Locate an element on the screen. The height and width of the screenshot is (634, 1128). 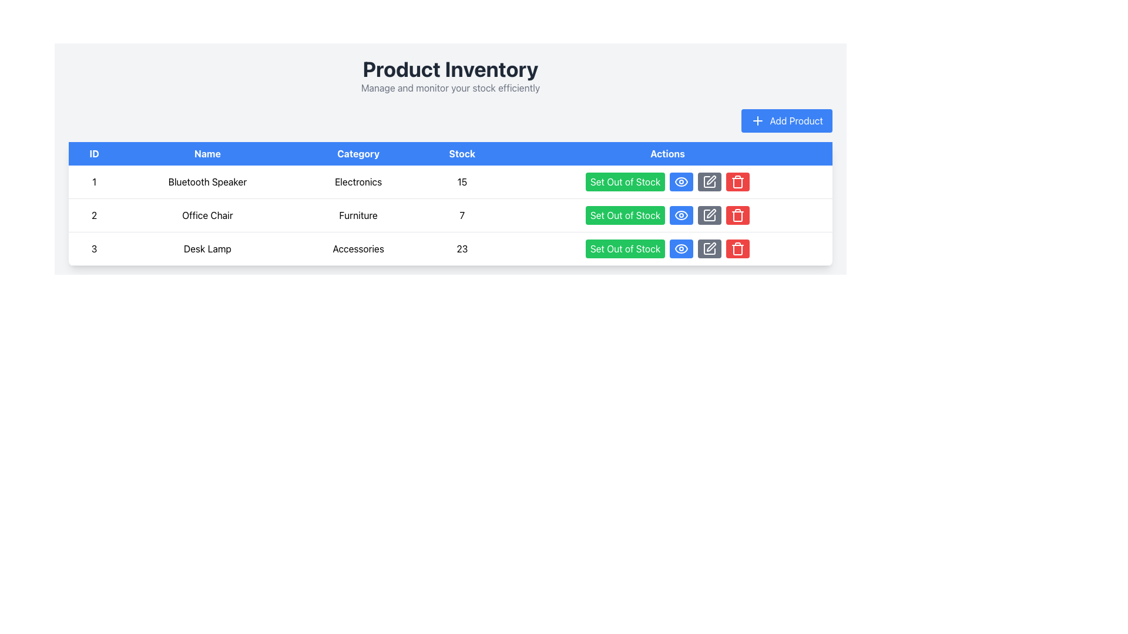
the second action icon in the 'Actions' column for the 'Office Chair' item to initiate an edit action is located at coordinates (709, 181).